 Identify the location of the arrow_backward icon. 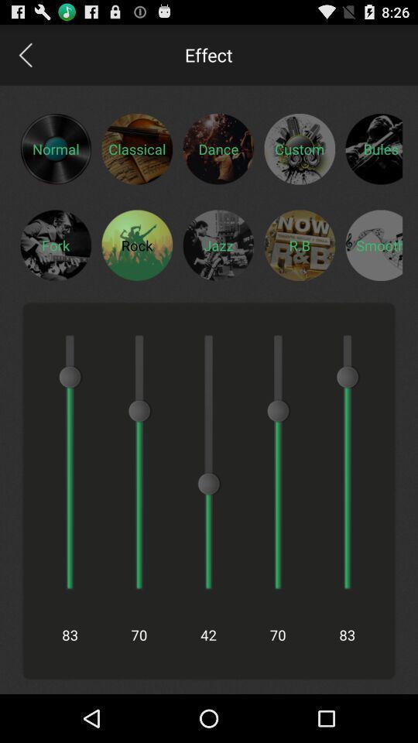
(24, 58).